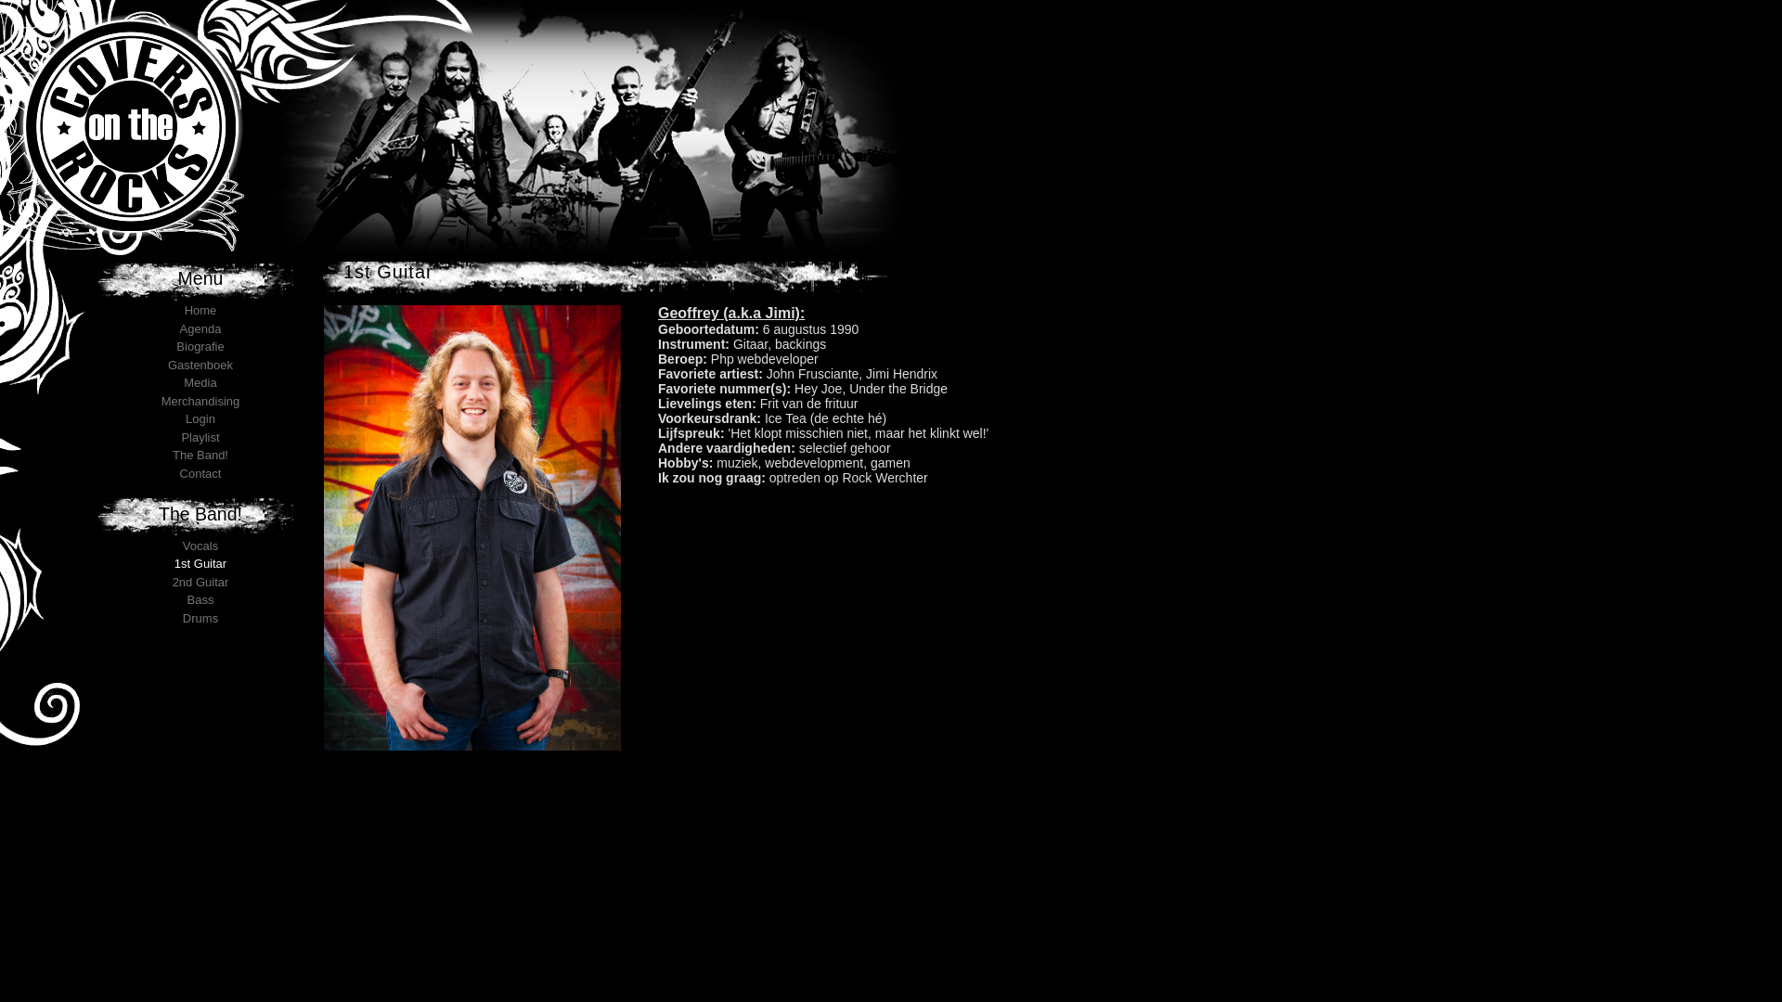 The height and width of the screenshot is (1002, 1782). Describe the element at coordinates (200, 545) in the screenshot. I see `'Vocals'` at that location.